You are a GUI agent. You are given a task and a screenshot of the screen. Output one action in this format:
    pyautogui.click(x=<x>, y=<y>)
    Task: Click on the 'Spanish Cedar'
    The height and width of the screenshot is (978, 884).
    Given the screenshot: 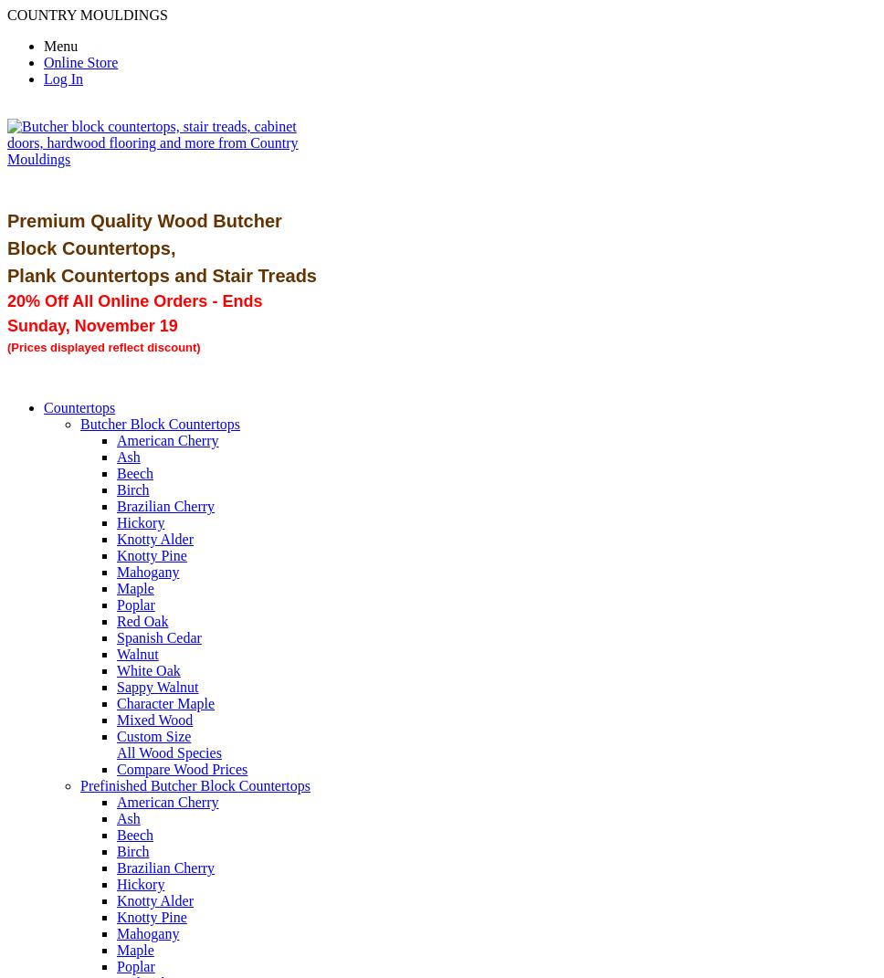 What is the action you would take?
    pyautogui.click(x=159, y=637)
    